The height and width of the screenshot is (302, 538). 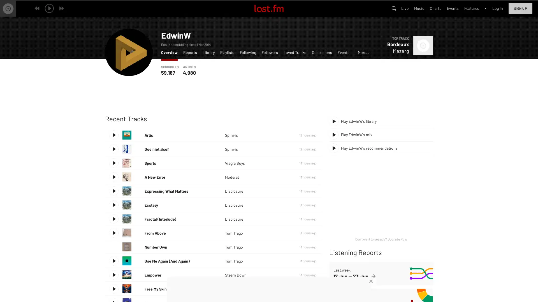 I want to click on Play EdwinW's mix, so click(x=381, y=135).